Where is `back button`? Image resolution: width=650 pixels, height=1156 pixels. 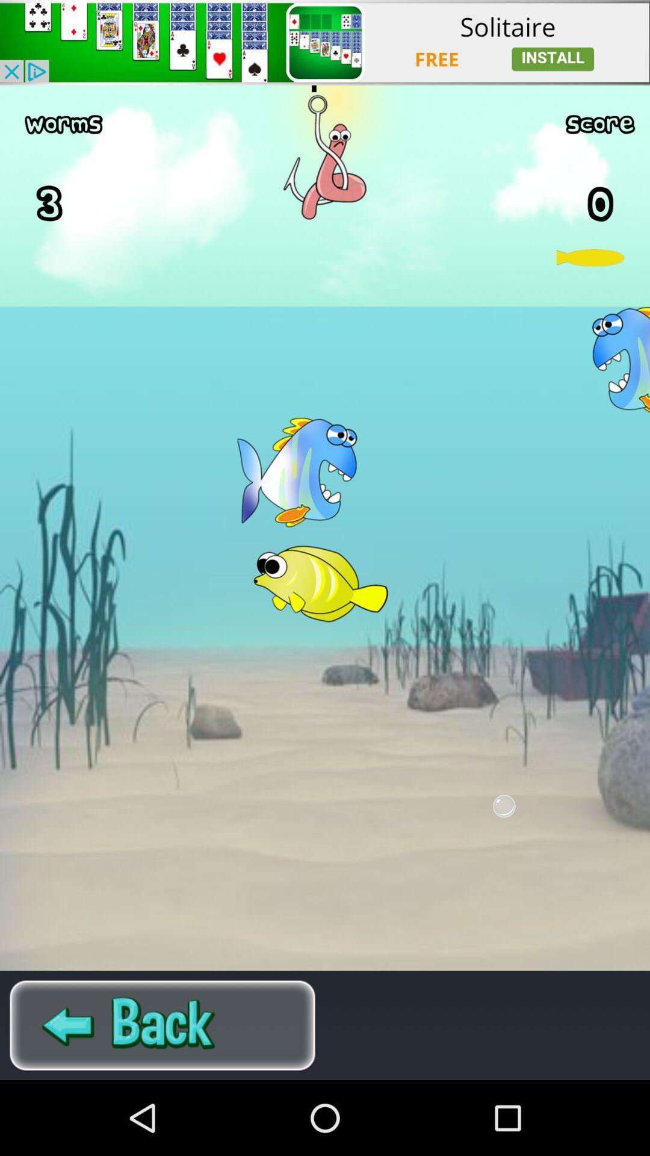
back button is located at coordinates (162, 1025).